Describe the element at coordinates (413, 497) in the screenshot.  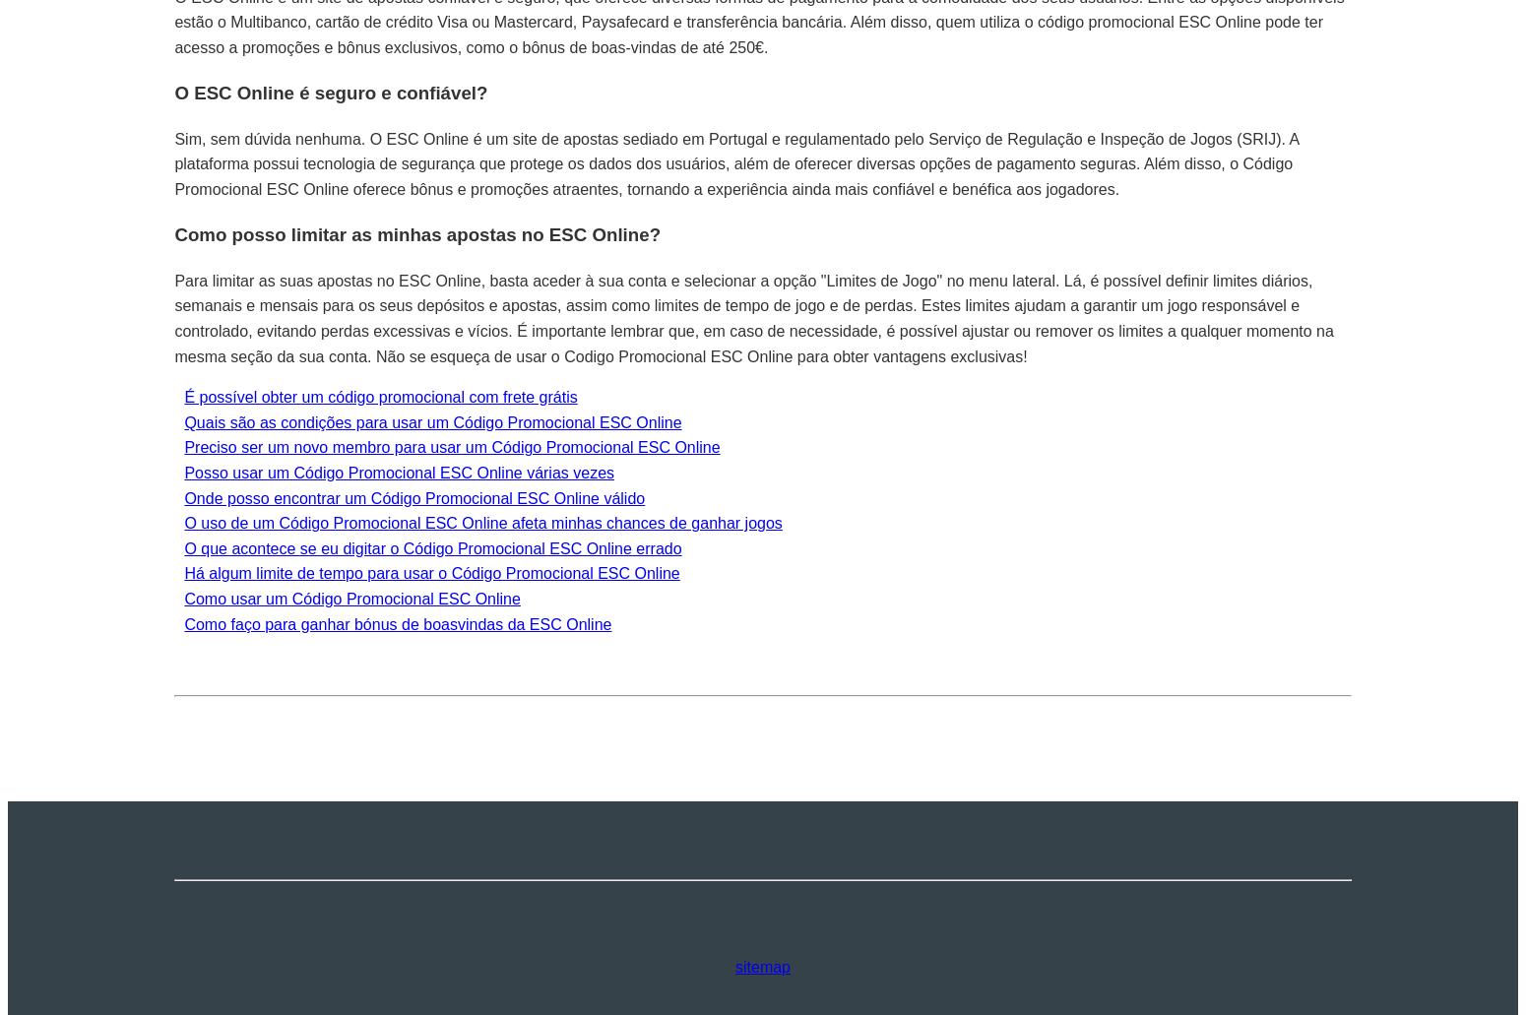
I see `'Onde posso encontrar um Código Promocional ESC Online válido'` at that location.